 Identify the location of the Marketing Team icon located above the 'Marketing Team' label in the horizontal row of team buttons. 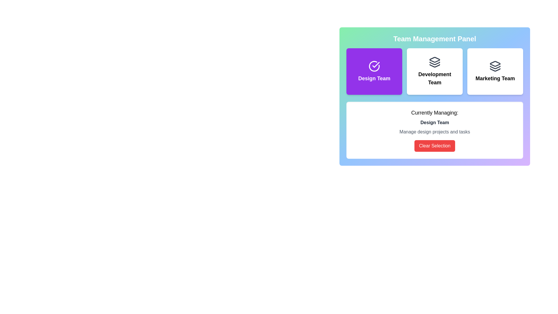
(495, 66).